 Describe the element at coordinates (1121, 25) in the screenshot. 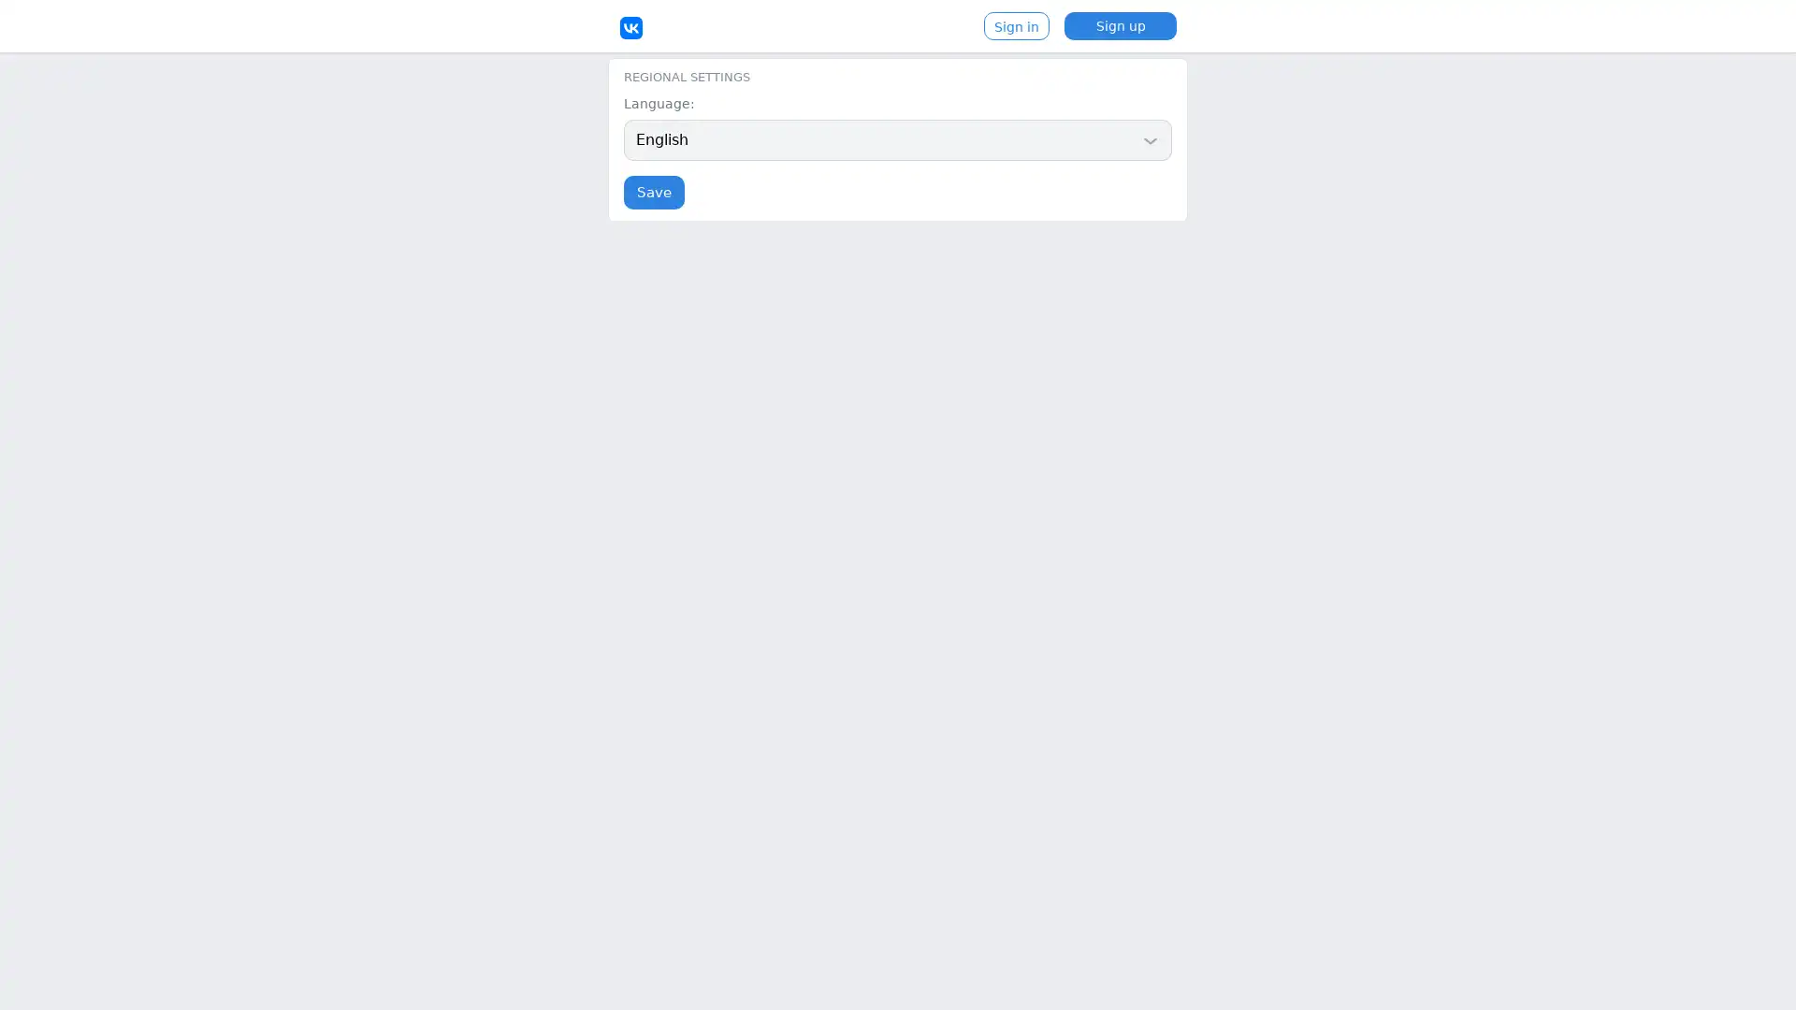

I see `Sign up` at that location.